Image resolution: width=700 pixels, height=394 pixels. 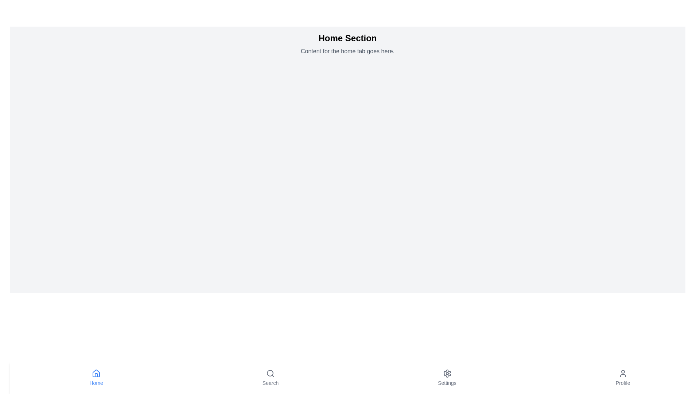 What do you see at coordinates (96, 382) in the screenshot?
I see `the 'Home' text label in the bottom navigation bar, which is the first item from the left and displays the word 'Home' in small blue font` at bounding box center [96, 382].